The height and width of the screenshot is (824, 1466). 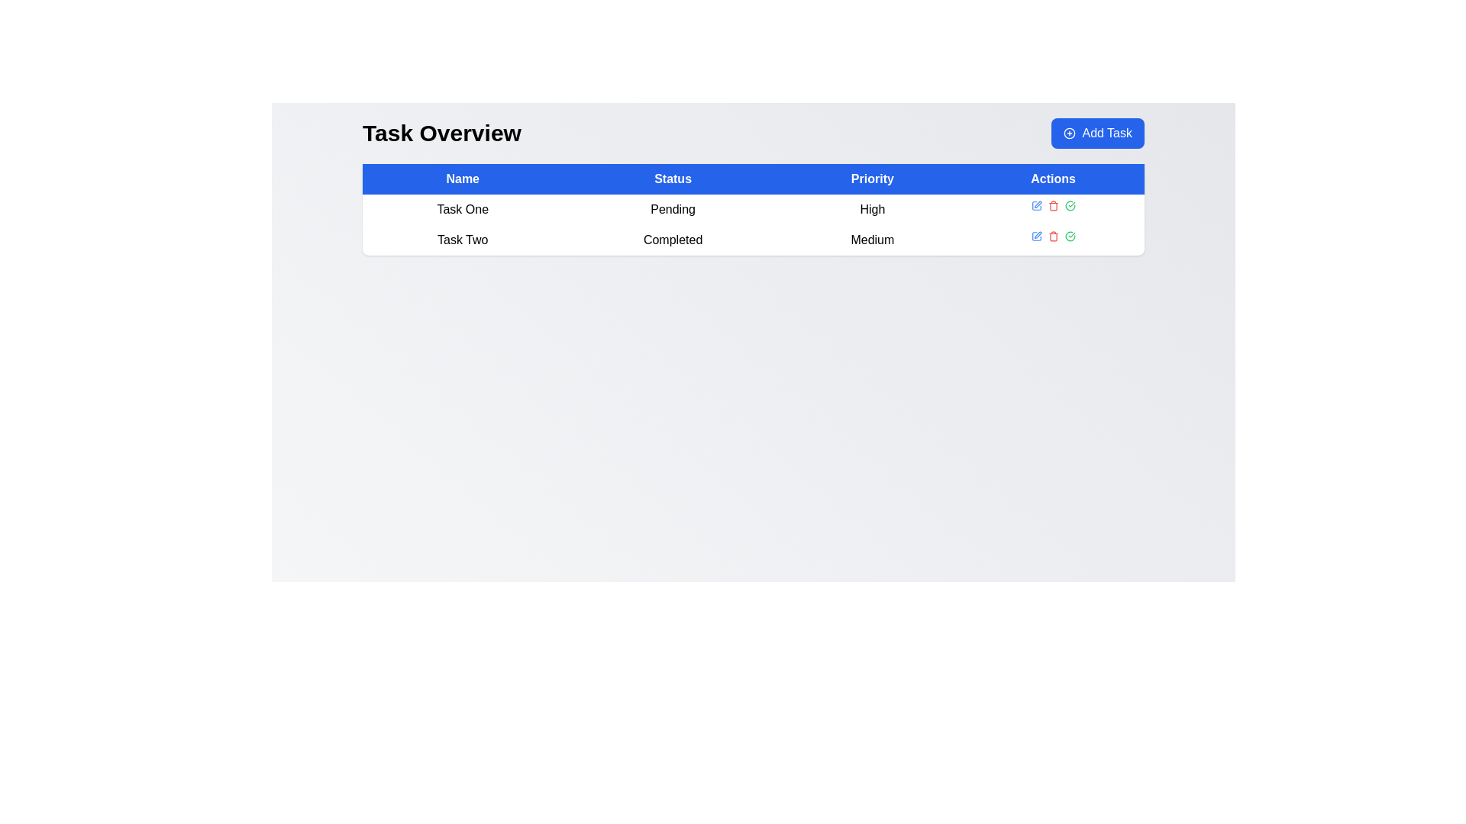 What do you see at coordinates (1036, 206) in the screenshot?
I see `the small blue edit icon resembling a pen in the 'Actions' column of the 'Task Overview' table for 'Task One' to initiate an edit action` at bounding box center [1036, 206].